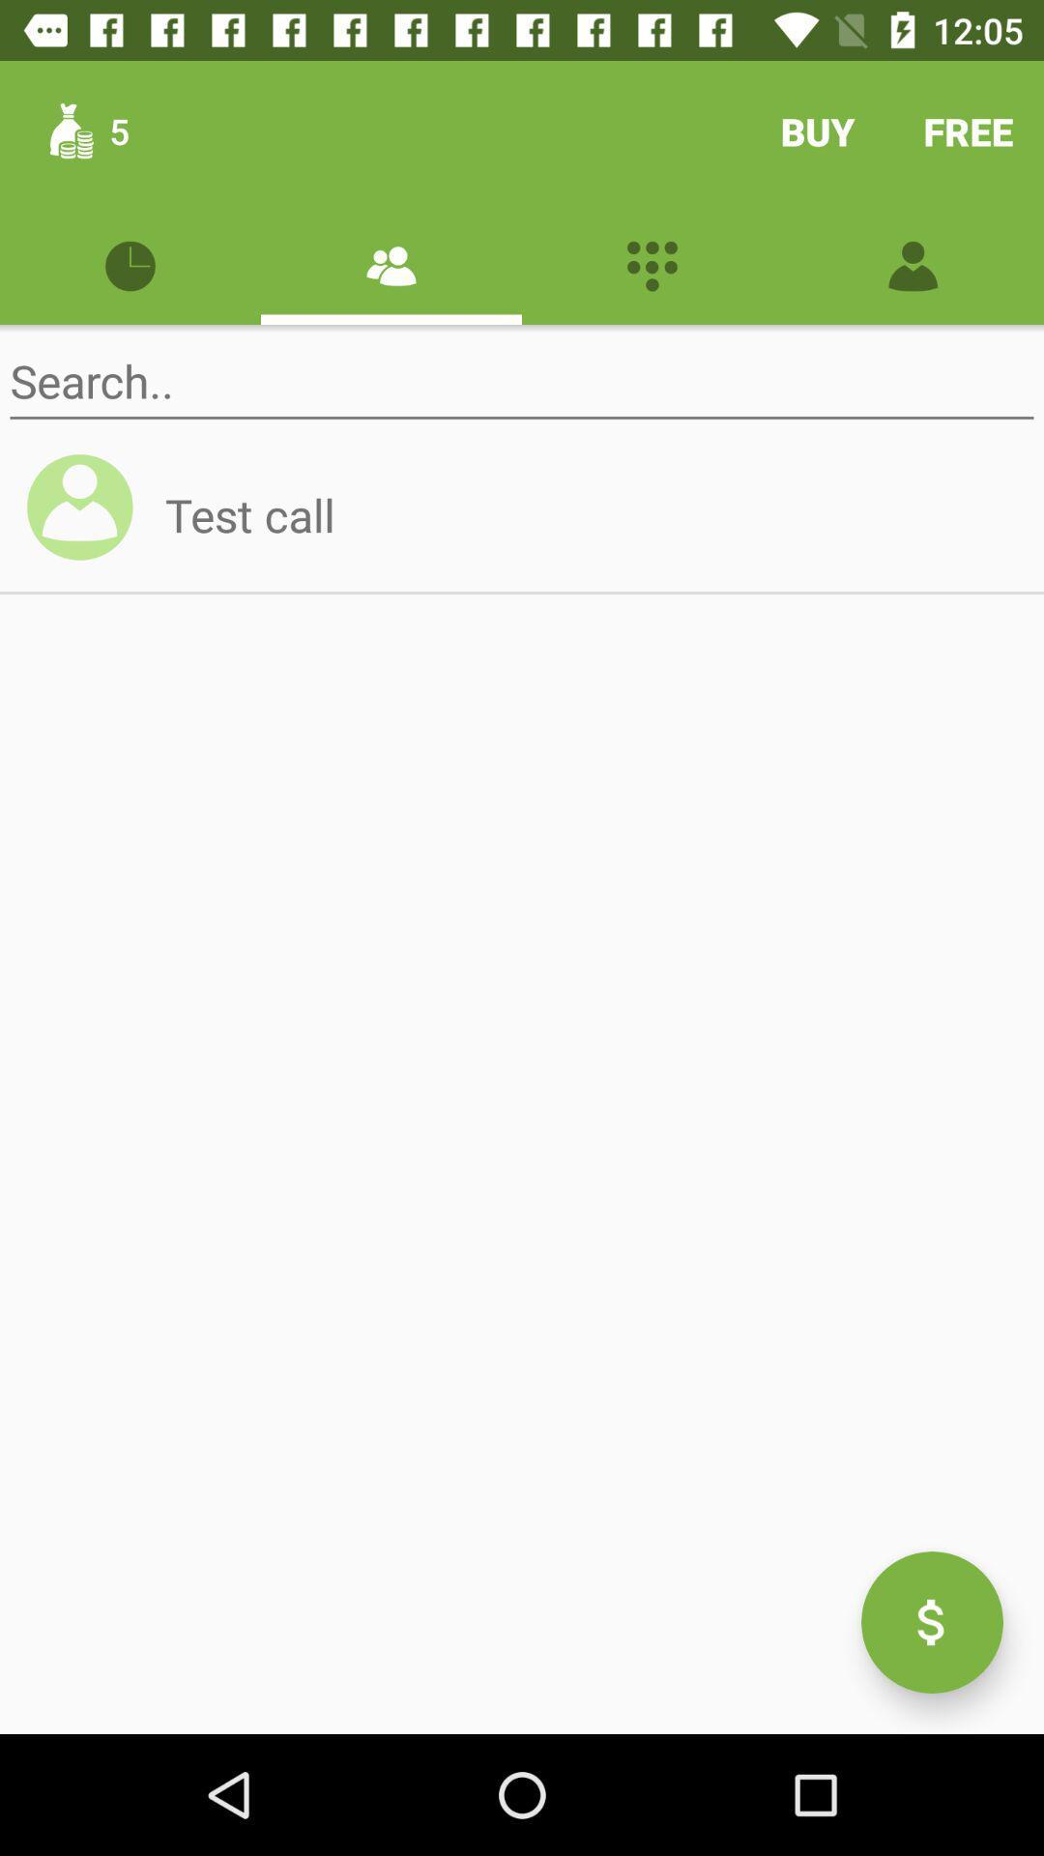  What do you see at coordinates (130, 263) in the screenshot?
I see `the first icon in the menu bar` at bounding box center [130, 263].